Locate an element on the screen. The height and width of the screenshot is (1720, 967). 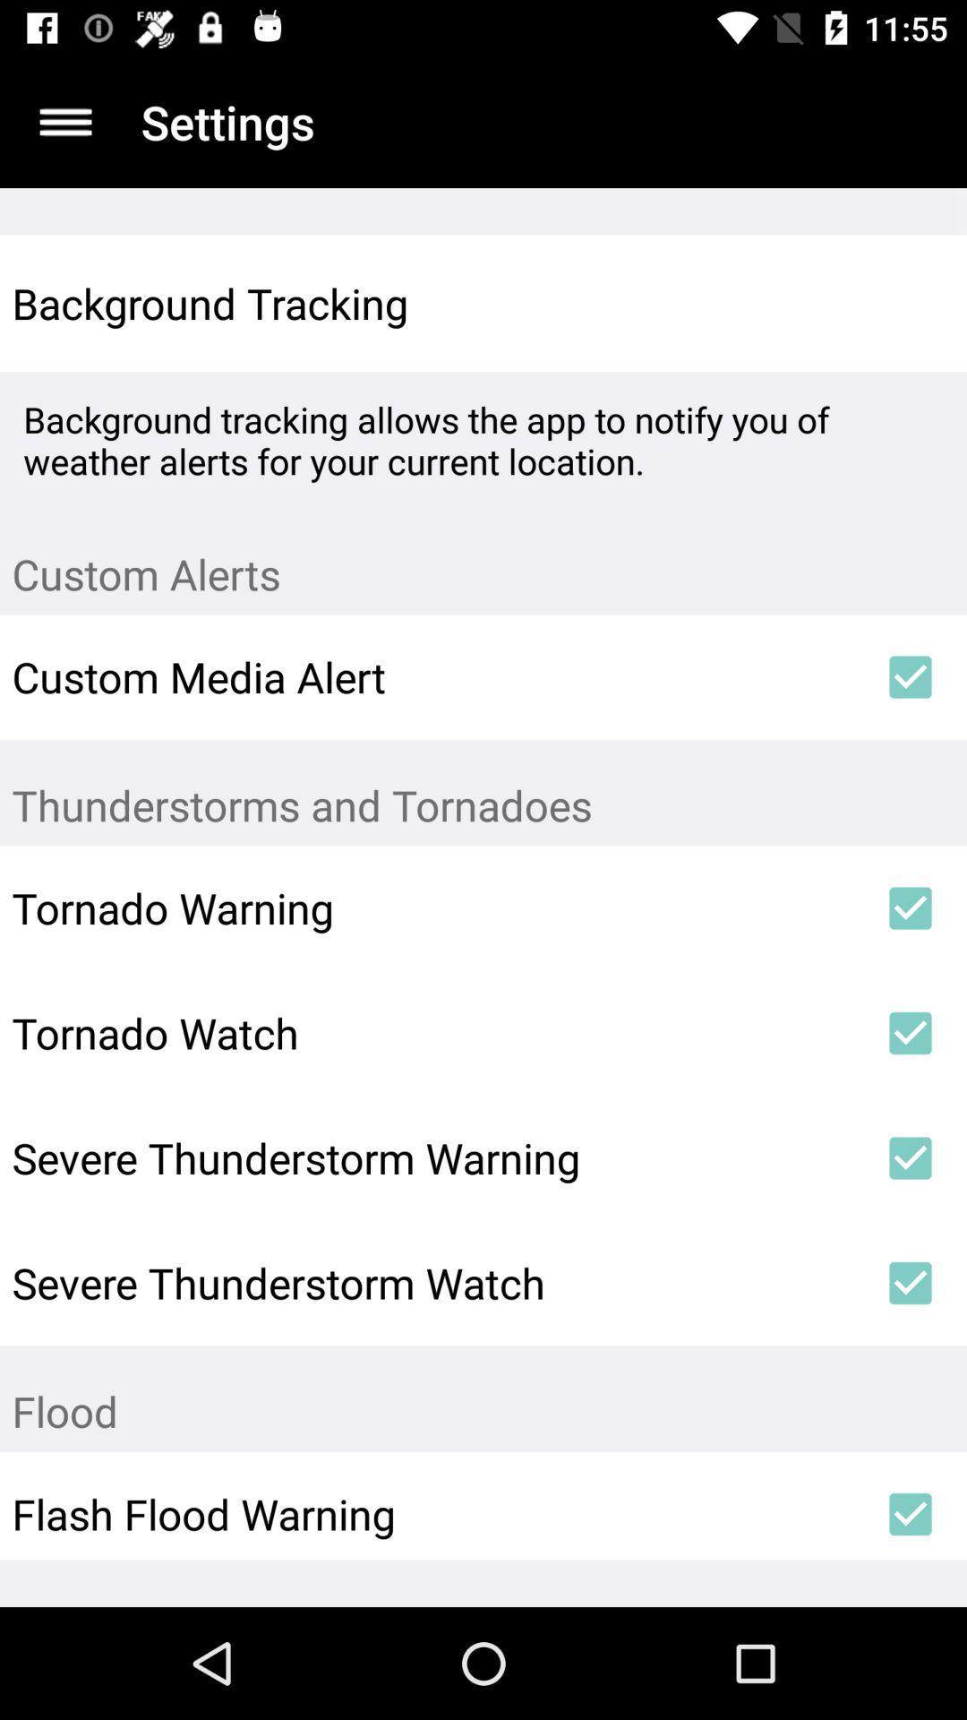
the icon next to tornado warning icon is located at coordinates (911, 907).